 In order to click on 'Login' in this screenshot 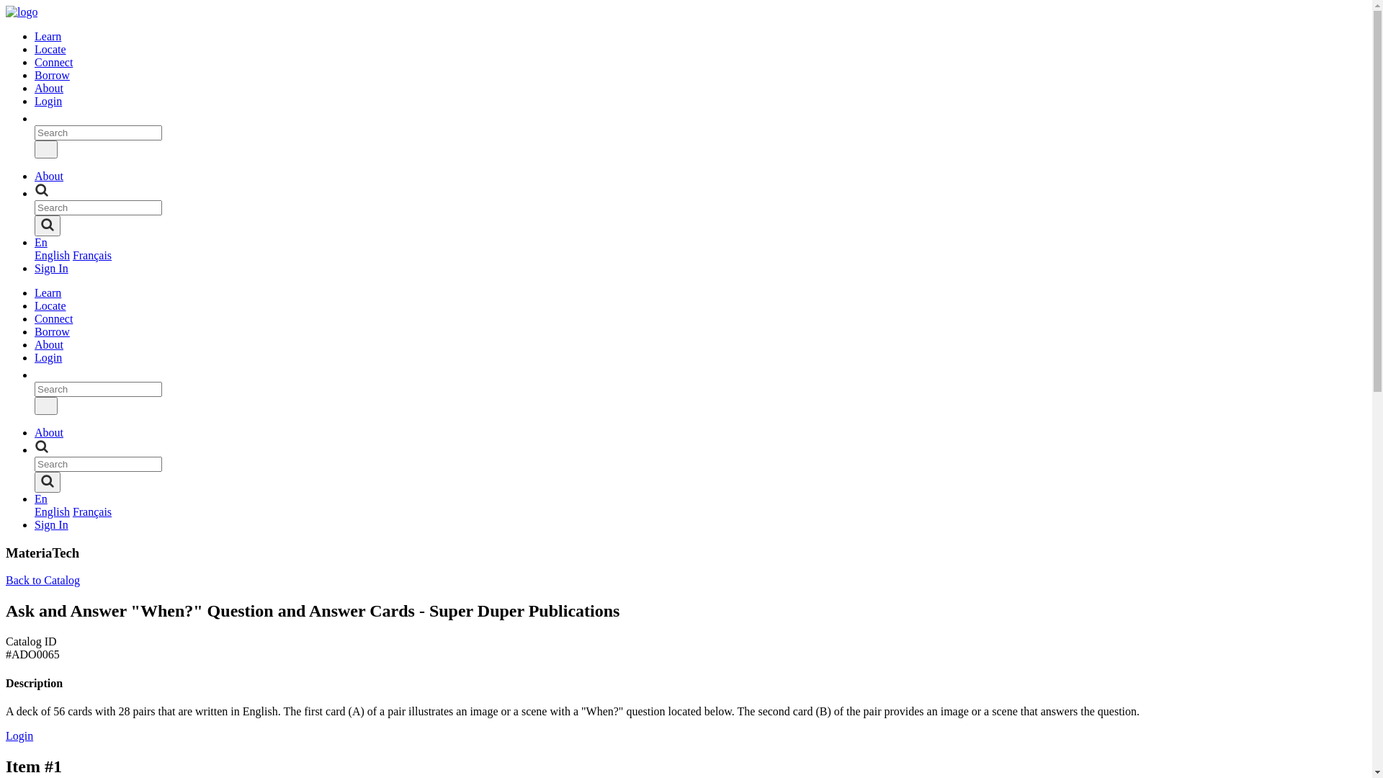, I will do `click(19, 735)`.